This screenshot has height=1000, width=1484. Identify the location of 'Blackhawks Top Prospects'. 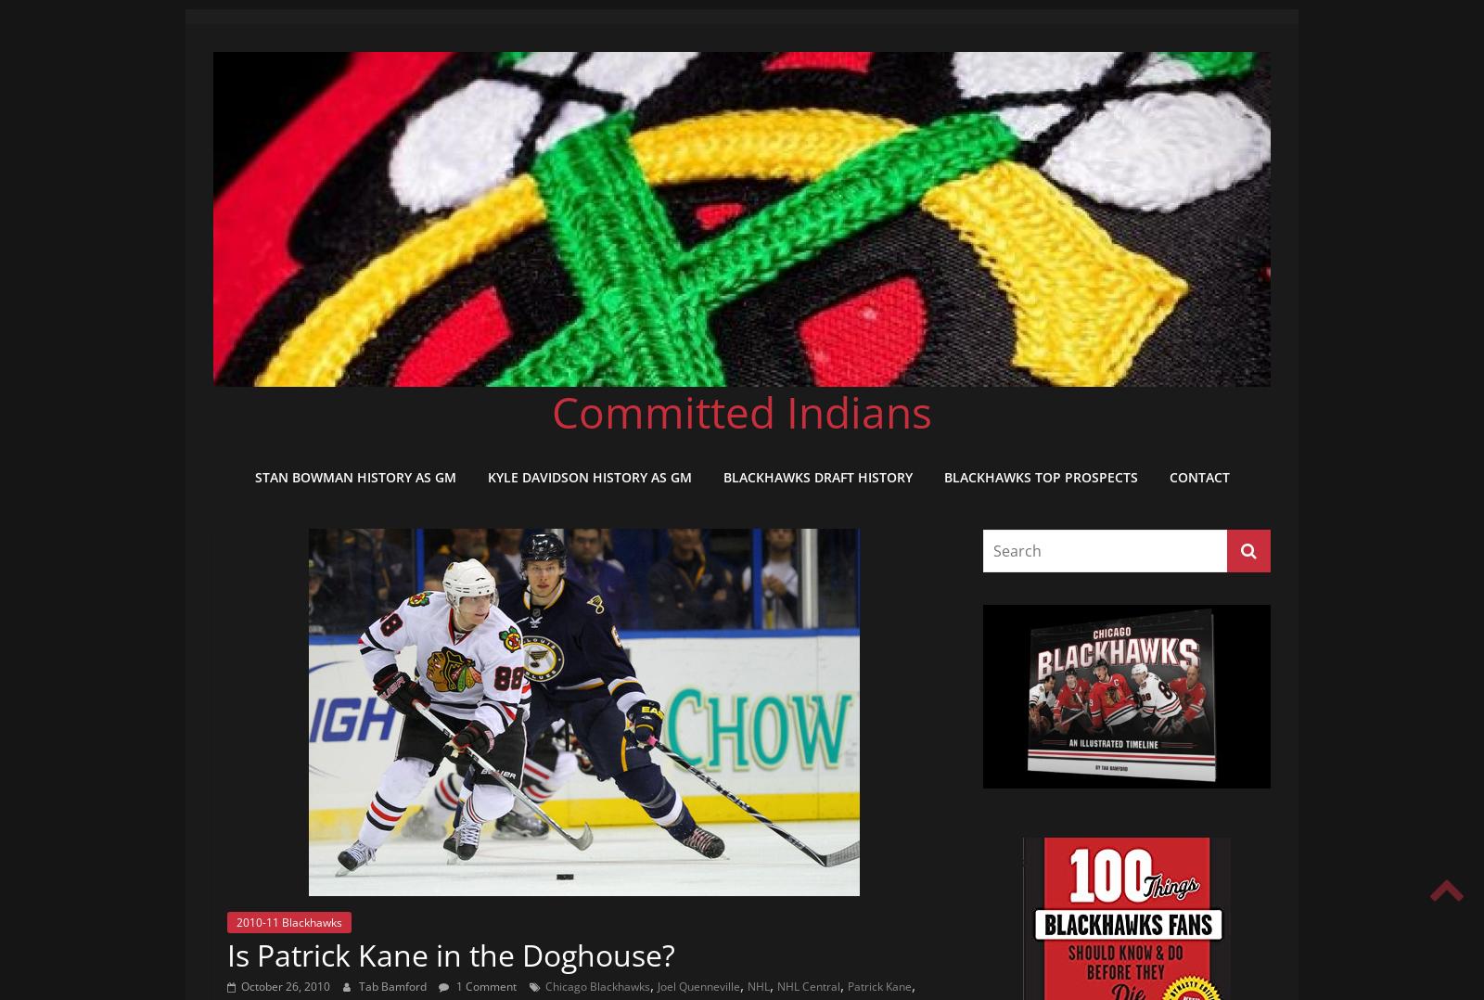
(942, 476).